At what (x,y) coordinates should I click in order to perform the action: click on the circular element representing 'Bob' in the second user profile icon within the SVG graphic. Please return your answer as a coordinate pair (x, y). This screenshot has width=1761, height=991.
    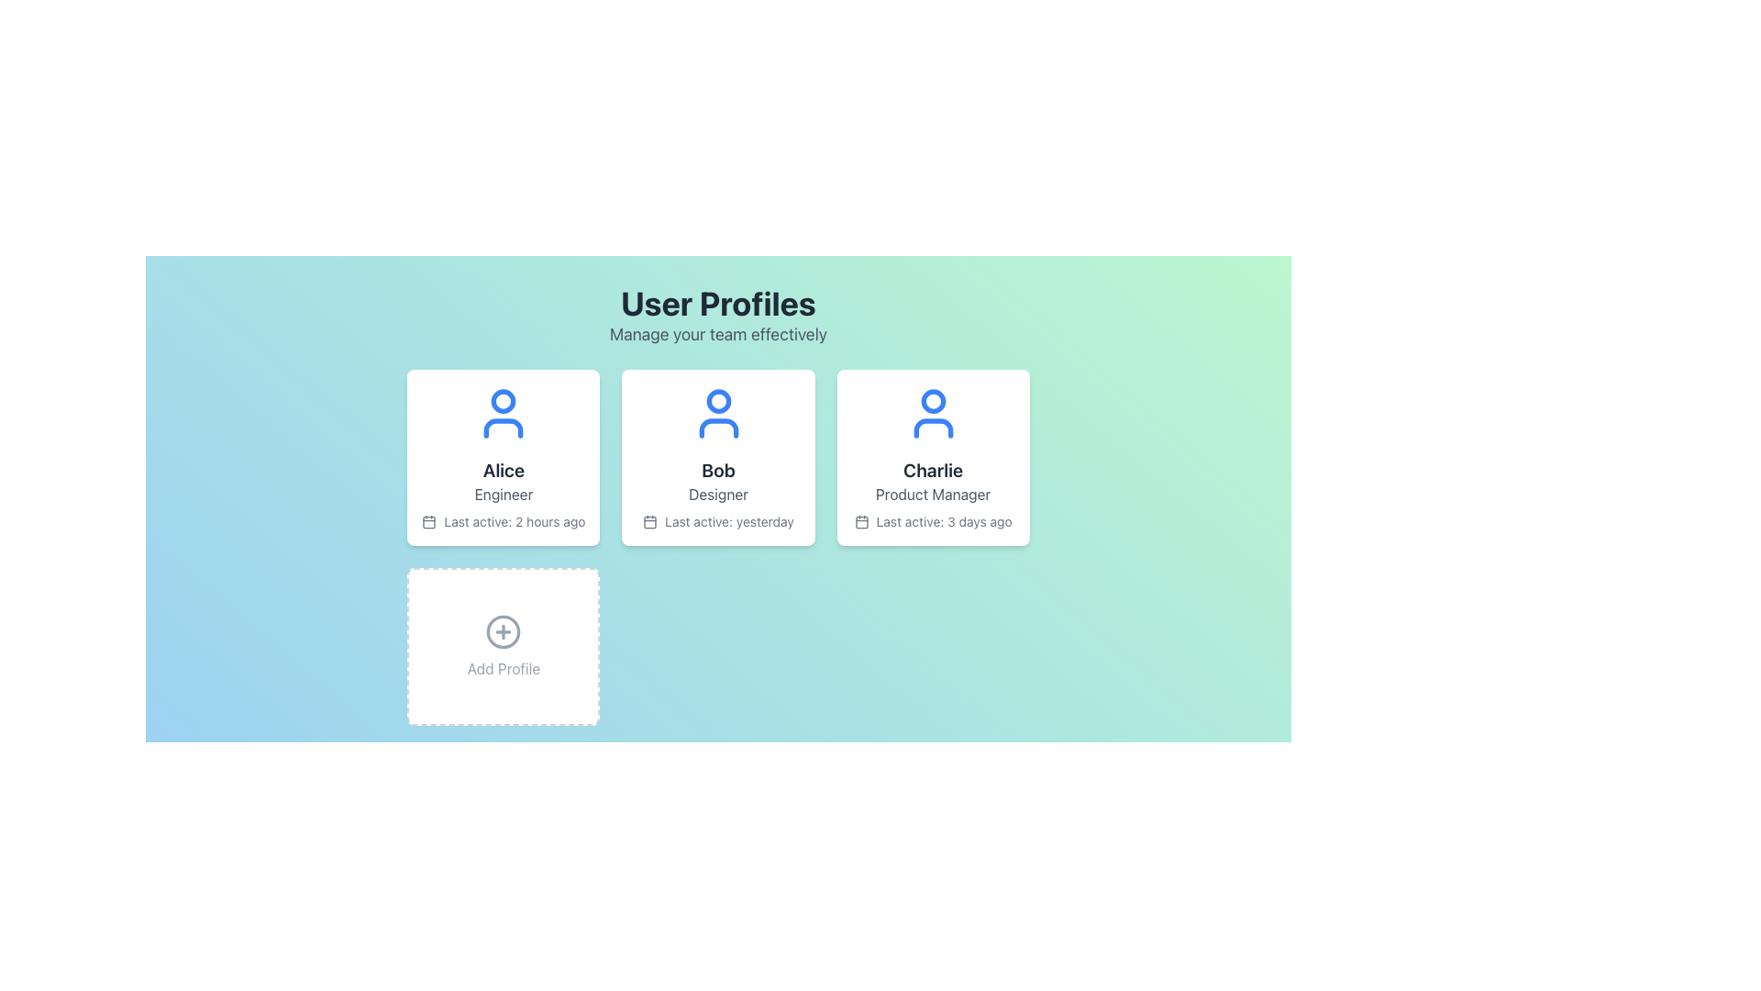
    Looking at the image, I should click on (717, 400).